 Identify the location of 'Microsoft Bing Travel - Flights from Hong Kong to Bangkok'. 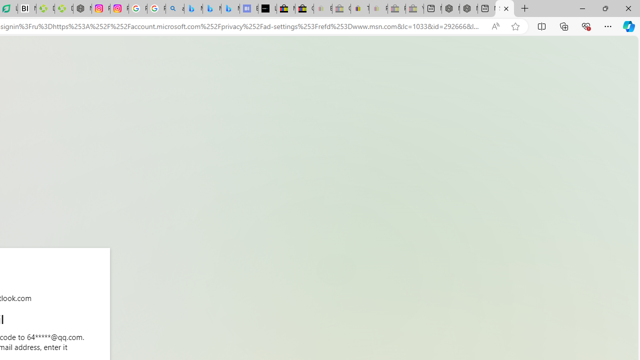
(193, 8).